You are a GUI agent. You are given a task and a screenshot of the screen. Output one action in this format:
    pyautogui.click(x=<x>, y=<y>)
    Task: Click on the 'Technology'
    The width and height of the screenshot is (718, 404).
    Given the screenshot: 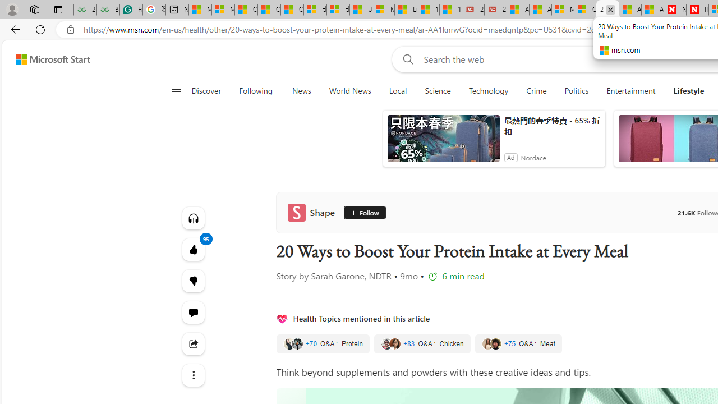 What is the action you would take?
    pyautogui.click(x=489, y=91)
    